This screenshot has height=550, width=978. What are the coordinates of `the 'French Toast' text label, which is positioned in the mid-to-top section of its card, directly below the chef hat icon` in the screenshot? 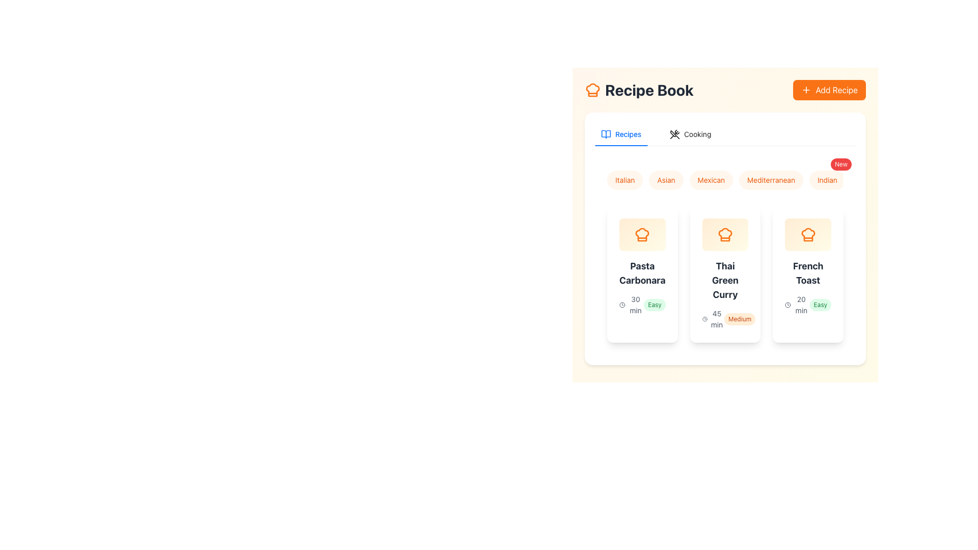 It's located at (807, 272).